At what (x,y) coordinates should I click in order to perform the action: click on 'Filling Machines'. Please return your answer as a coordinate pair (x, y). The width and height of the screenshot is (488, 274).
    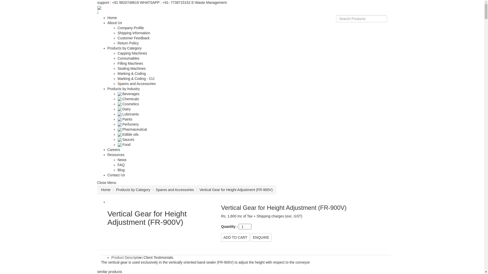
    Looking at the image, I should click on (117, 63).